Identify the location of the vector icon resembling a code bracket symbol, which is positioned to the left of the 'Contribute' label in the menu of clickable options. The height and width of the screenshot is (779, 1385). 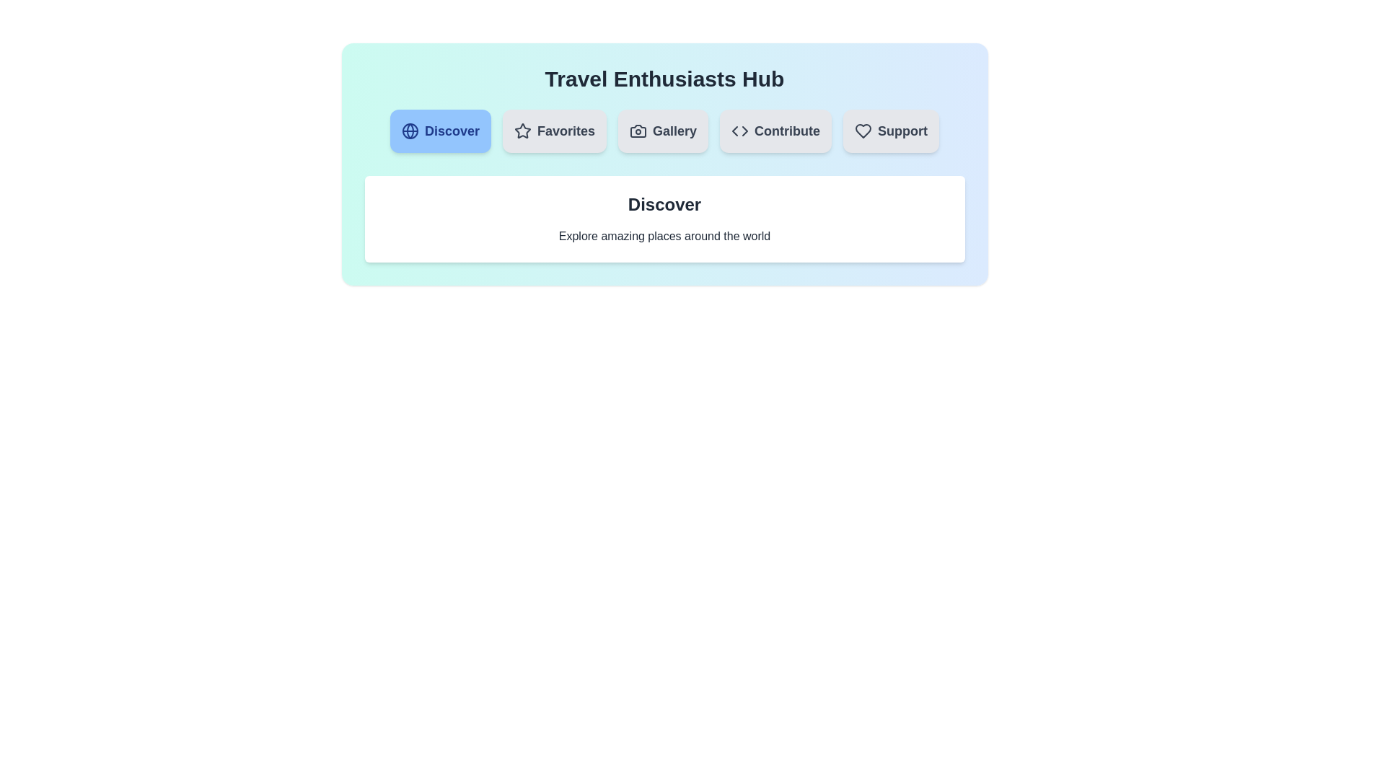
(740, 131).